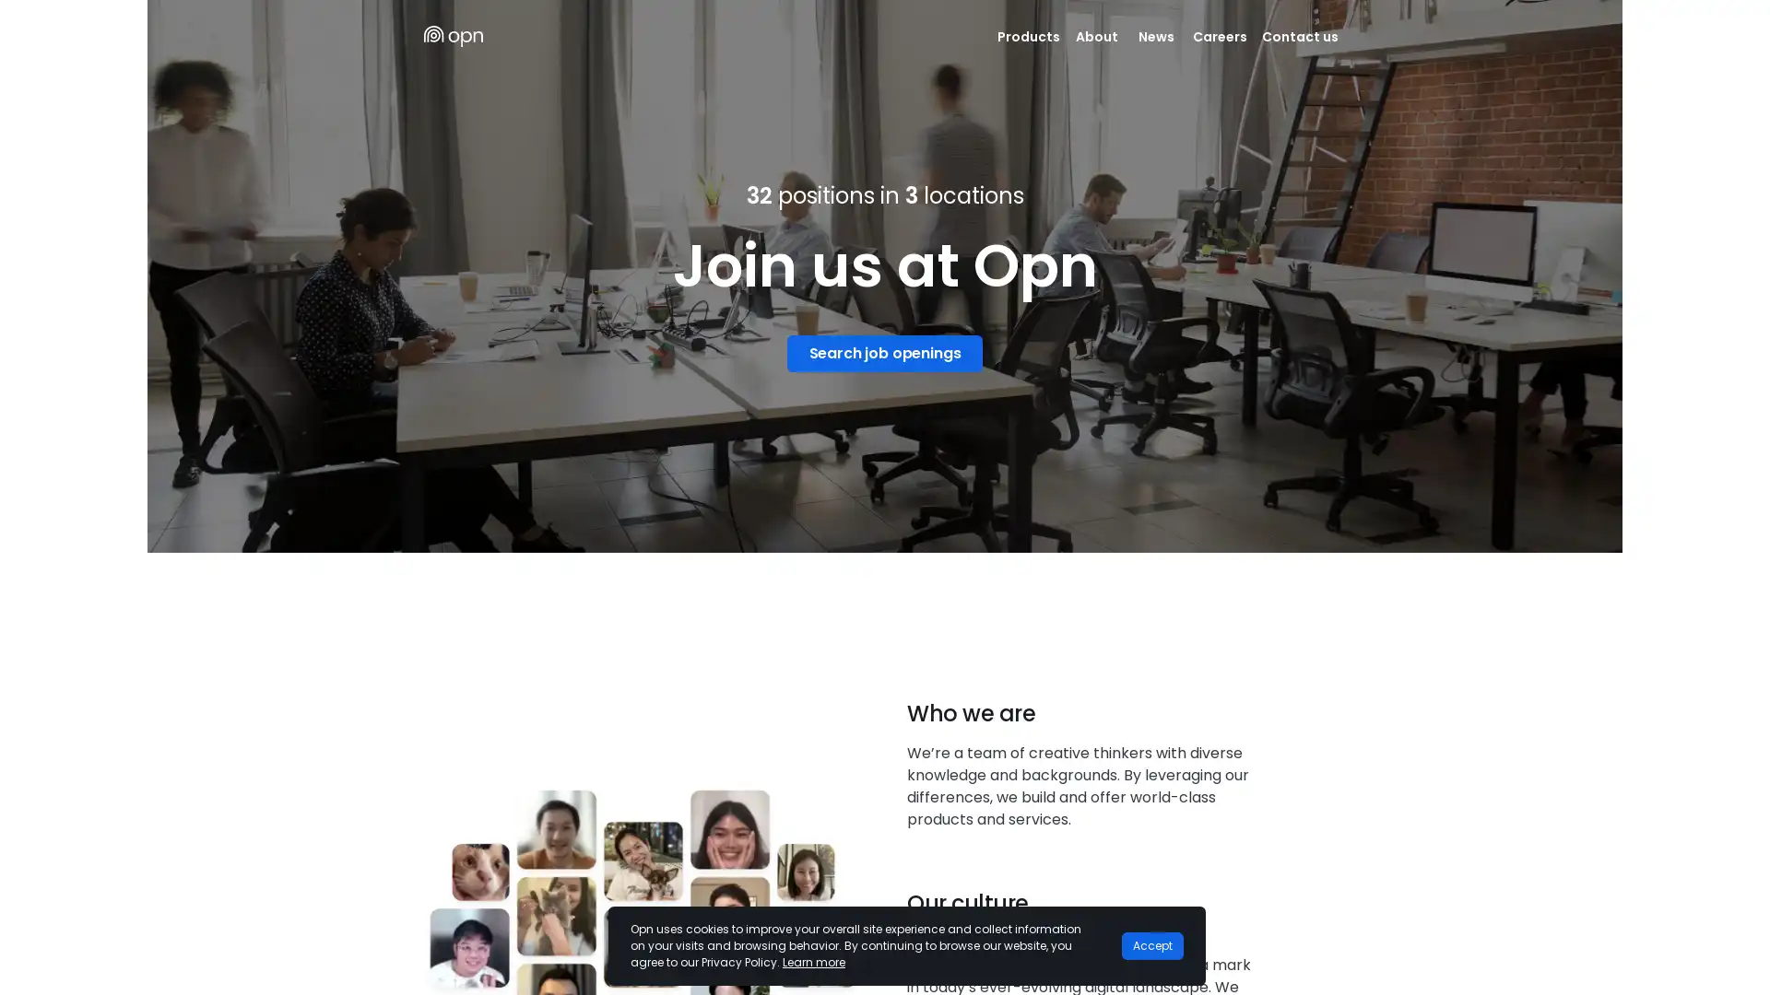 The height and width of the screenshot is (995, 1770). What do you see at coordinates (1220, 36) in the screenshot?
I see `Careers` at bounding box center [1220, 36].